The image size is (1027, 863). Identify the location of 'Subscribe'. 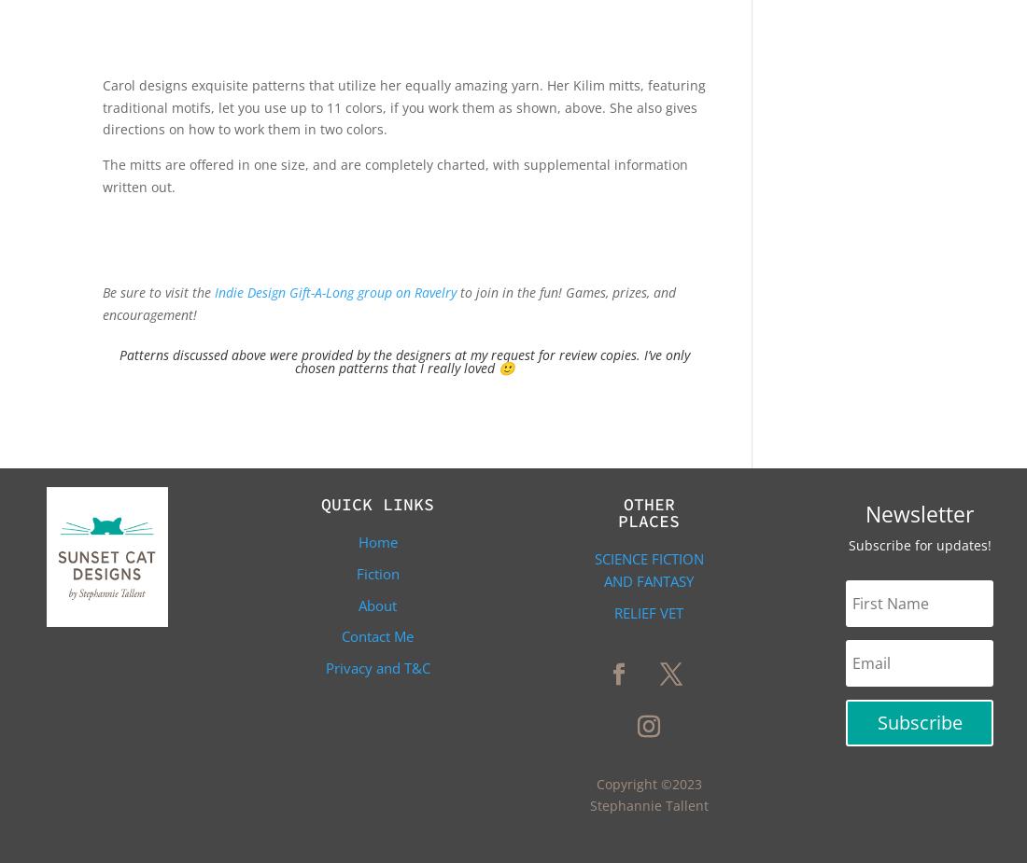
(876, 721).